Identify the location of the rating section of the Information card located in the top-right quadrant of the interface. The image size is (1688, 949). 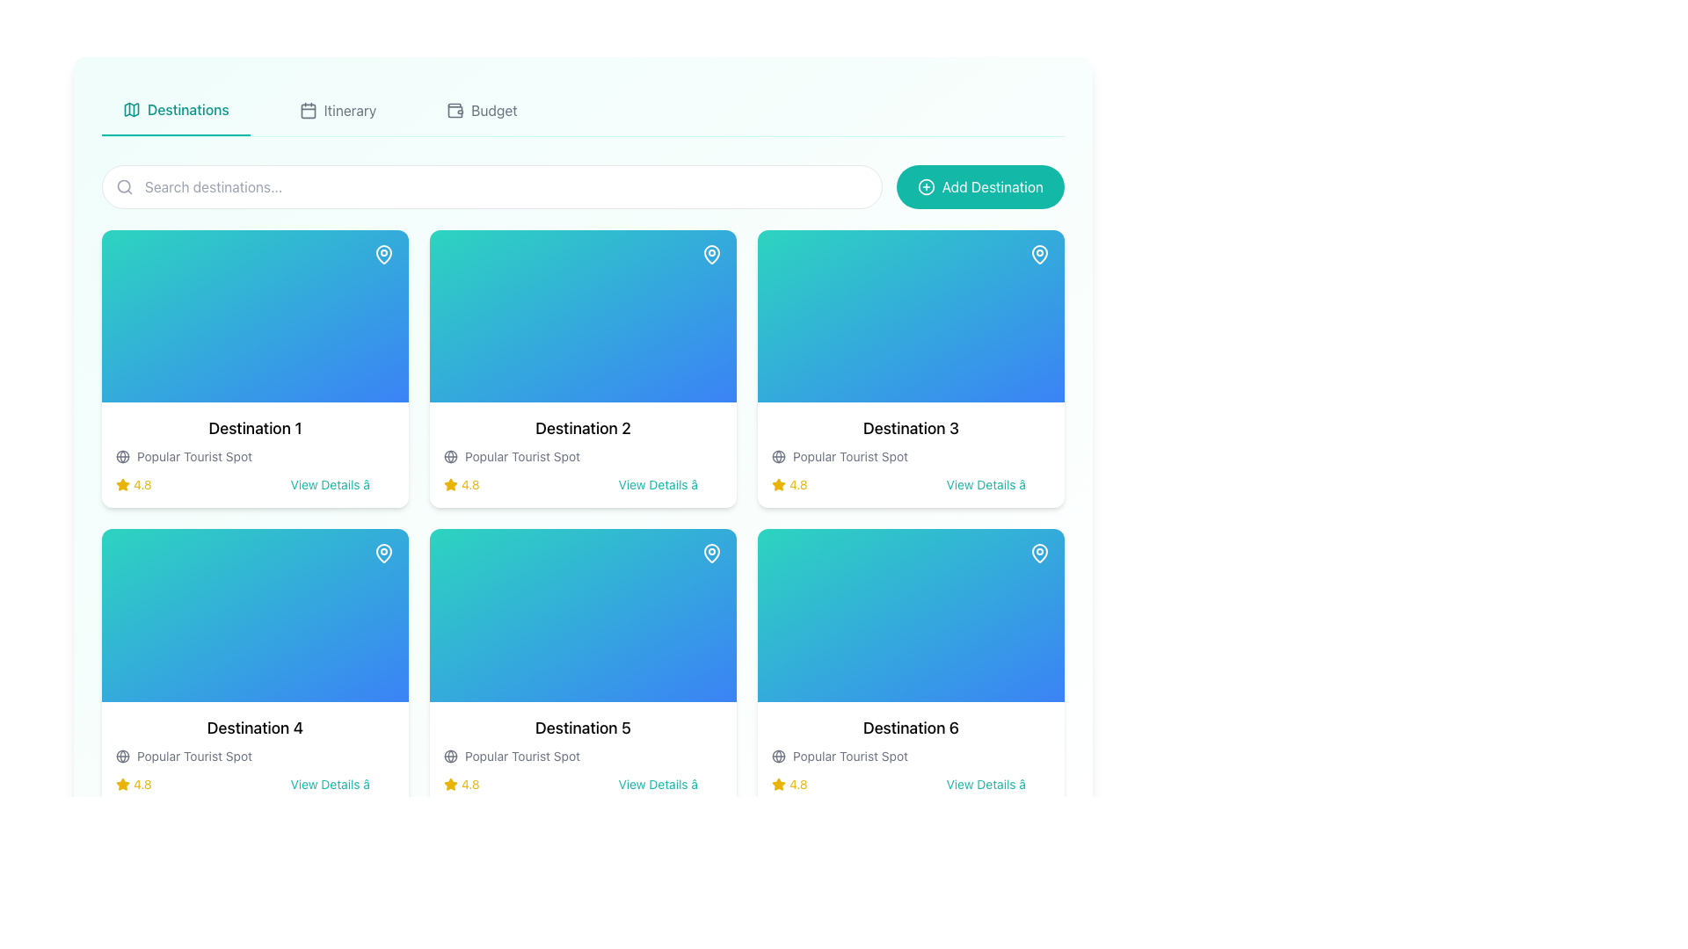
(911, 454).